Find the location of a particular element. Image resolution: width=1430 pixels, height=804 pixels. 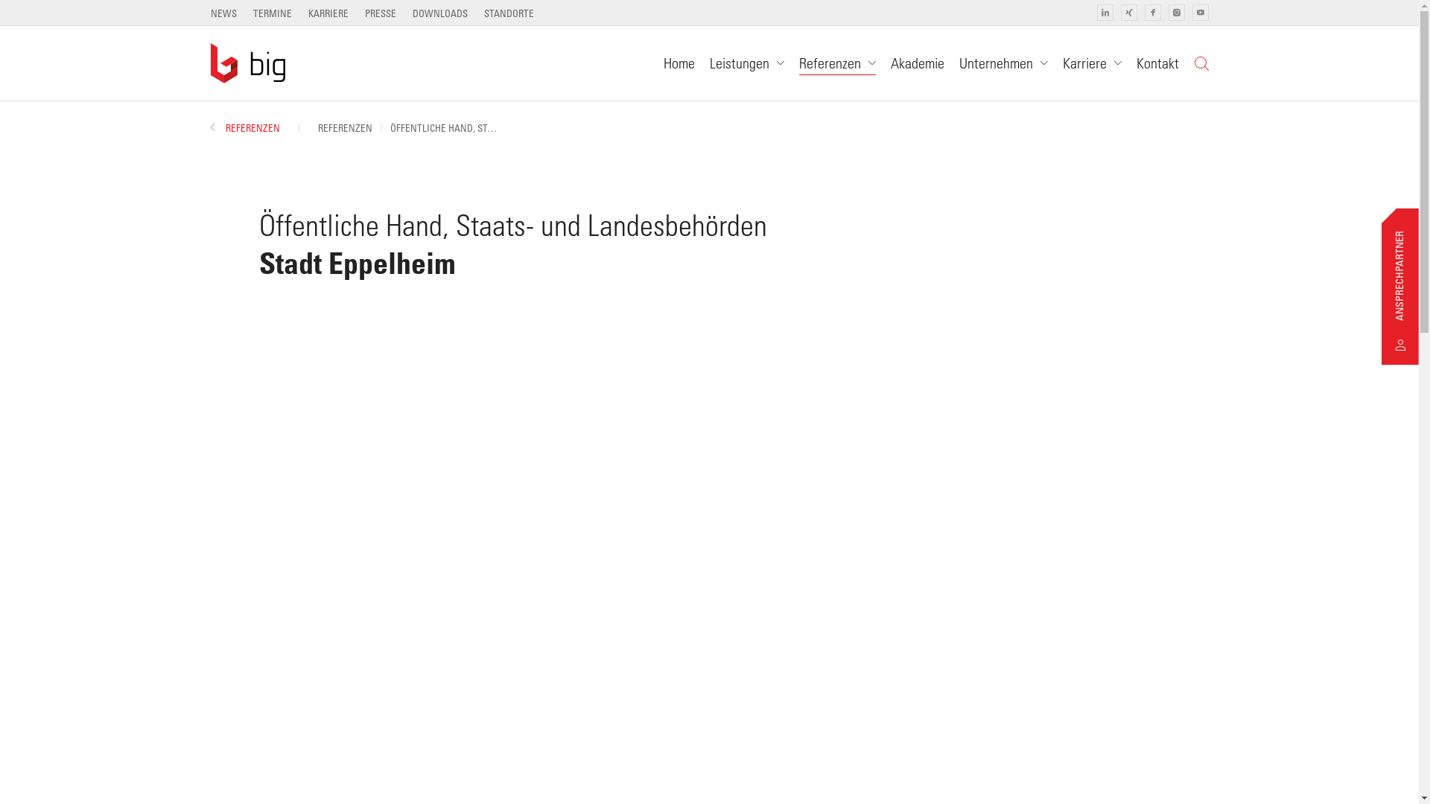

'KARRIERE' is located at coordinates (328, 13).